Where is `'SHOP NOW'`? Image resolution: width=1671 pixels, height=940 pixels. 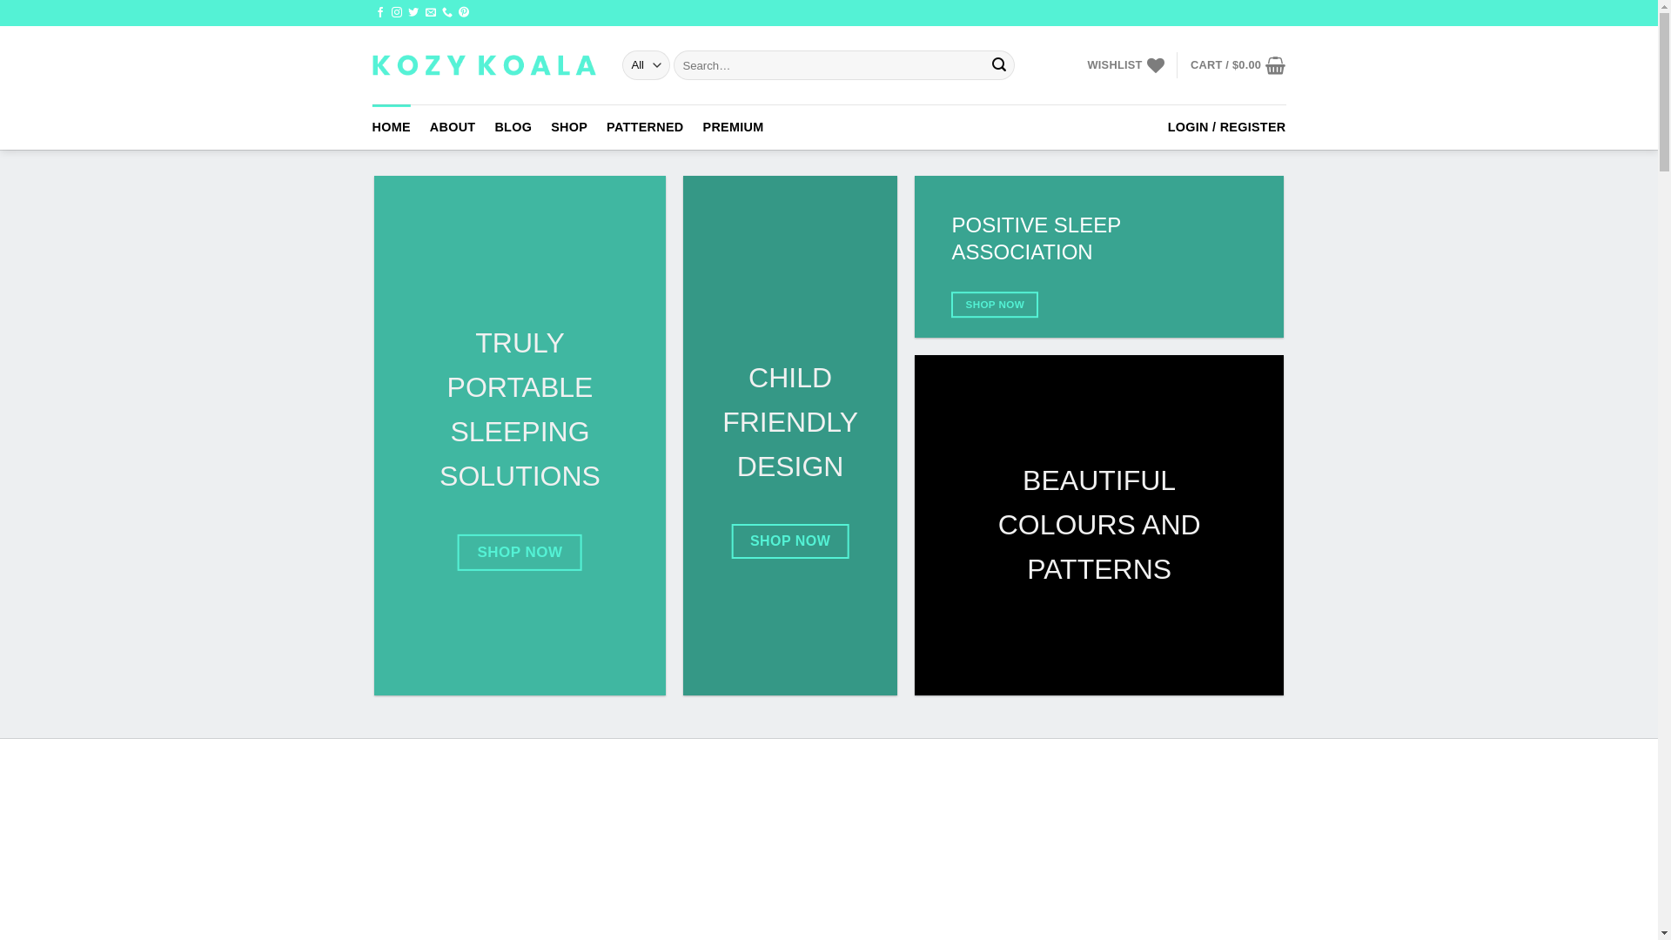 'SHOP NOW' is located at coordinates (519, 553).